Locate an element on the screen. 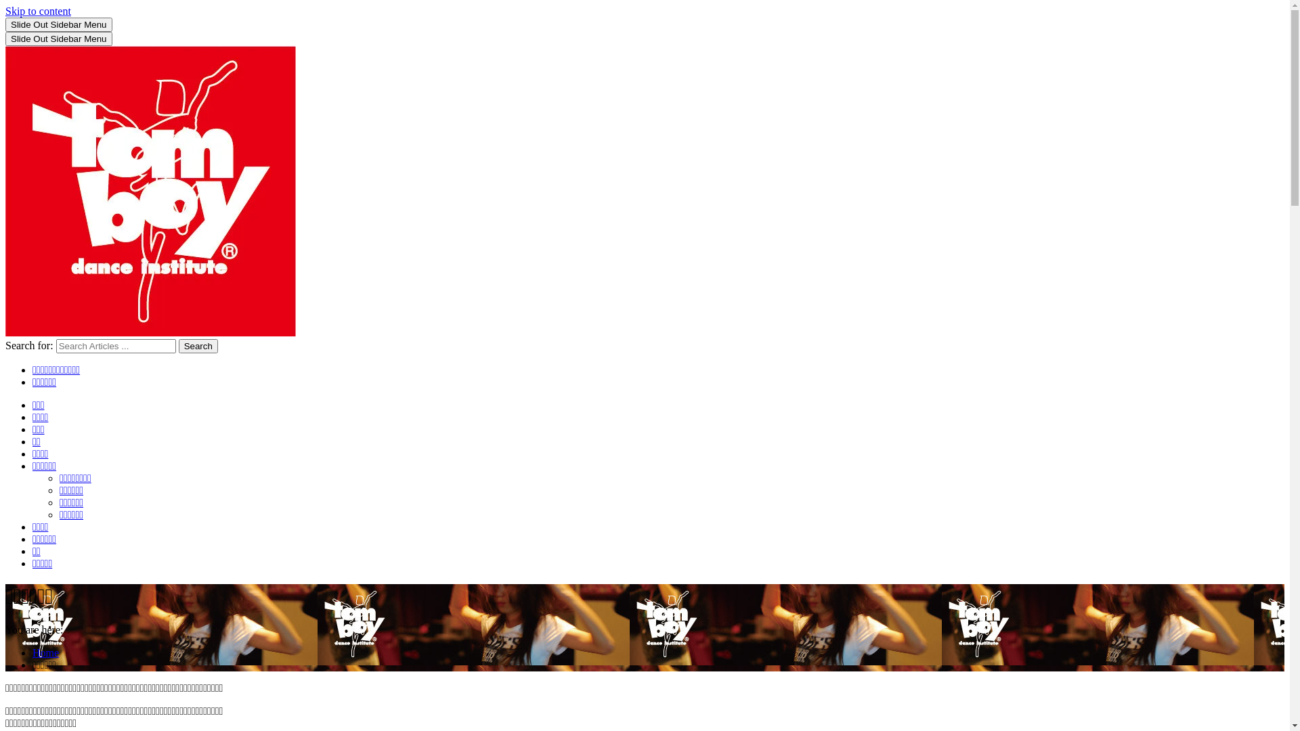 Image resolution: width=1300 pixels, height=731 pixels. 'Home' is located at coordinates (45, 652).